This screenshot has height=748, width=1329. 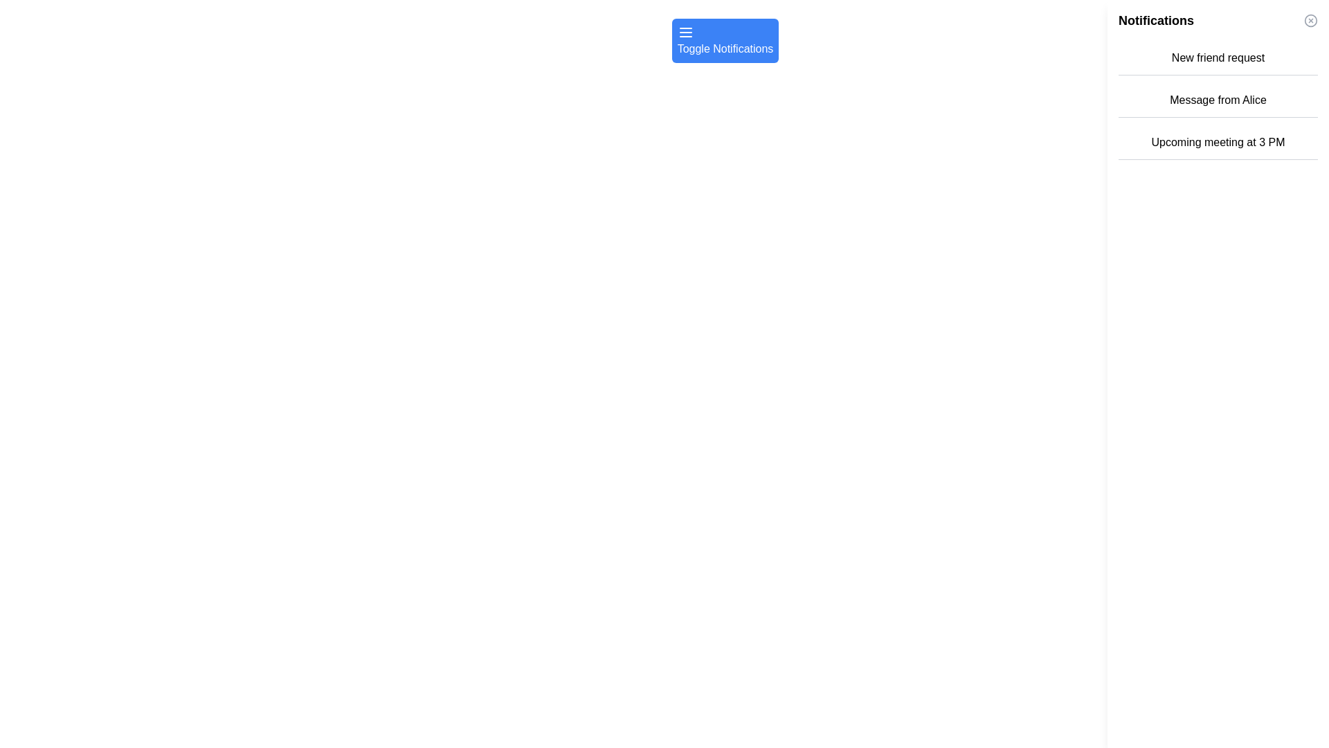 What do you see at coordinates (1156, 21) in the screenshot?
I see `the bold text label displaying 'Notifications' at the top-right section of the panel` at bounding box center [1156, 21].